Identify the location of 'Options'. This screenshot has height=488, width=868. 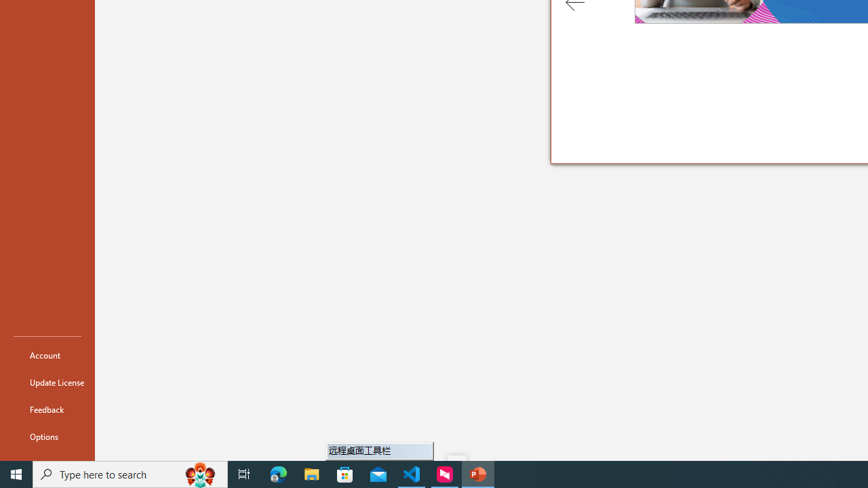
(47, 436).